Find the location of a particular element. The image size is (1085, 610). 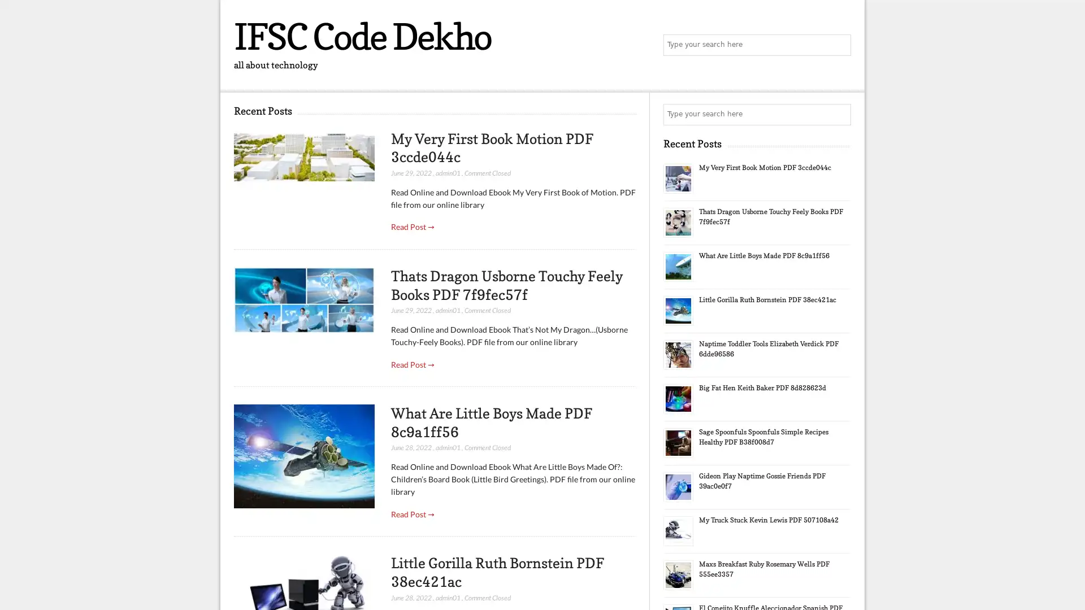

Search is located at coordinates (839, 45).